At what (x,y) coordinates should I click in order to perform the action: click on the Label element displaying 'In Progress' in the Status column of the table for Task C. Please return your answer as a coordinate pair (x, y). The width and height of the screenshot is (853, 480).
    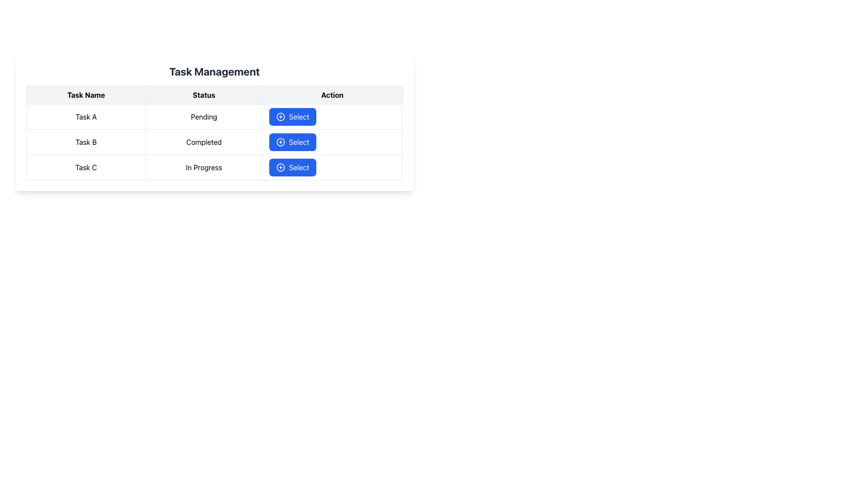
    Looking at the image, I should click on (203, 168).